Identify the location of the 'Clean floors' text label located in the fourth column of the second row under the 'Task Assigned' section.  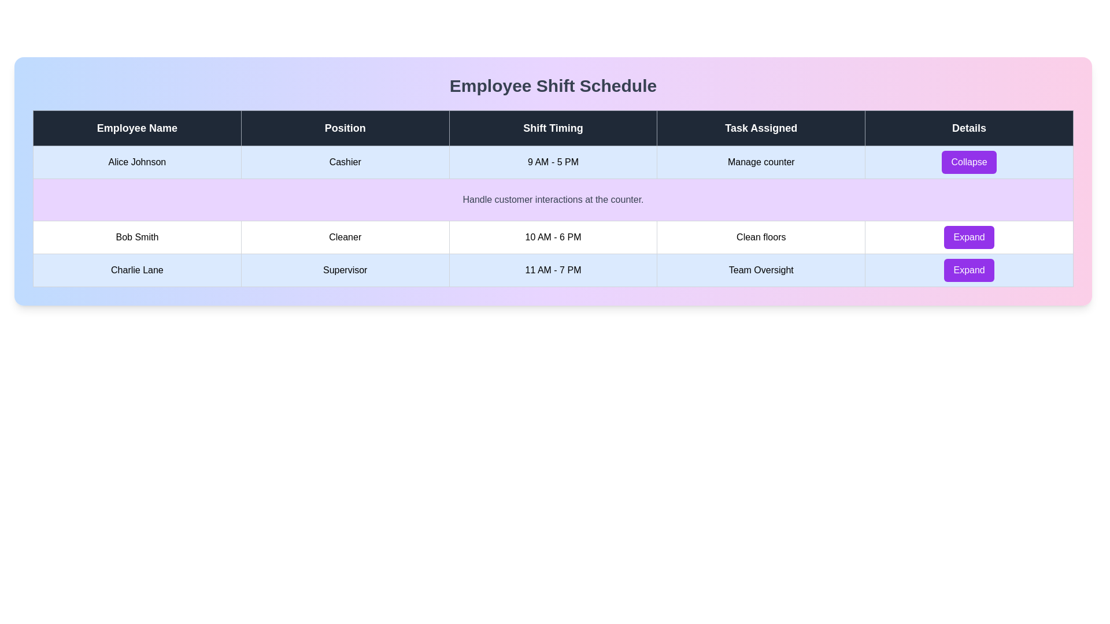
(761, 237).